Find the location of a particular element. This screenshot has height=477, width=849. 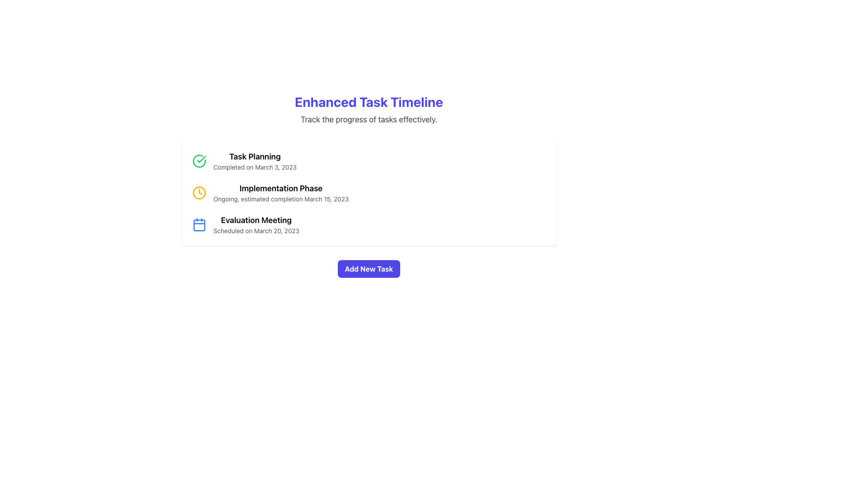

the completion status icon of the first task in the 'Task Planning' section to visually indicate its state is located at coordinates (199, 161).